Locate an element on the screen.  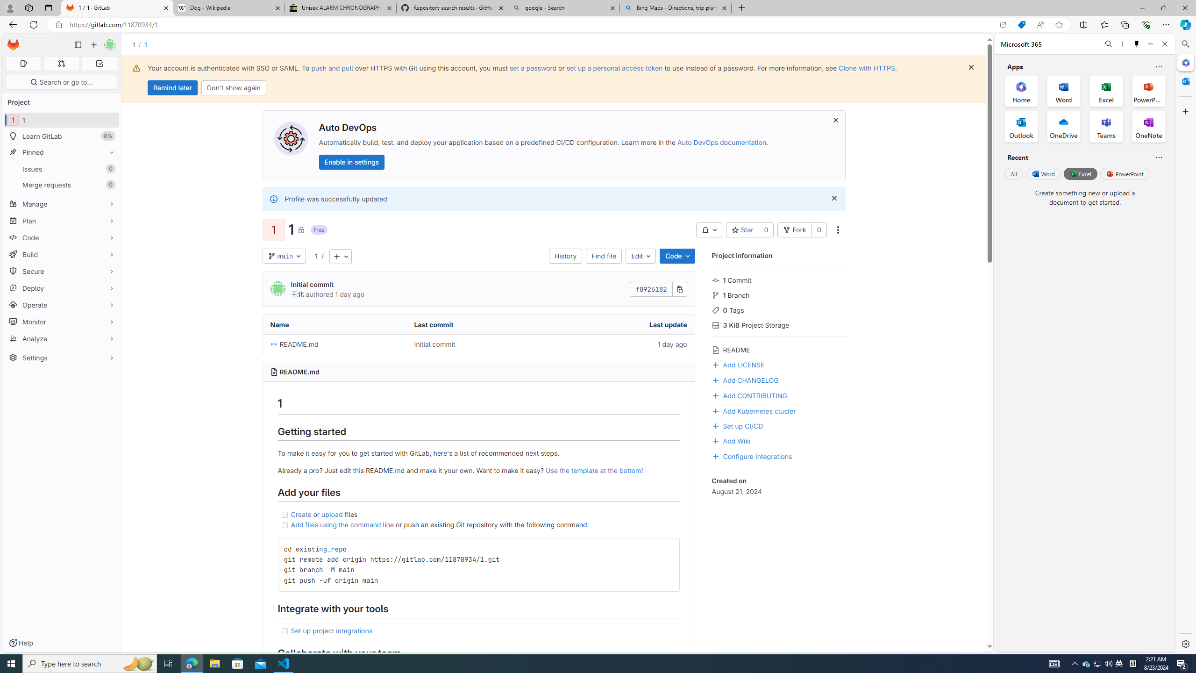
'Primary navigation sidebar' is located at coordinates (78, 44).